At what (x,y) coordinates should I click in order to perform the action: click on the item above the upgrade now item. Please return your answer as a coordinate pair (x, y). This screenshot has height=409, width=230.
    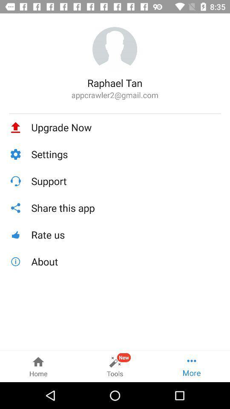
    Looking at the image, I should click on (115, 113).